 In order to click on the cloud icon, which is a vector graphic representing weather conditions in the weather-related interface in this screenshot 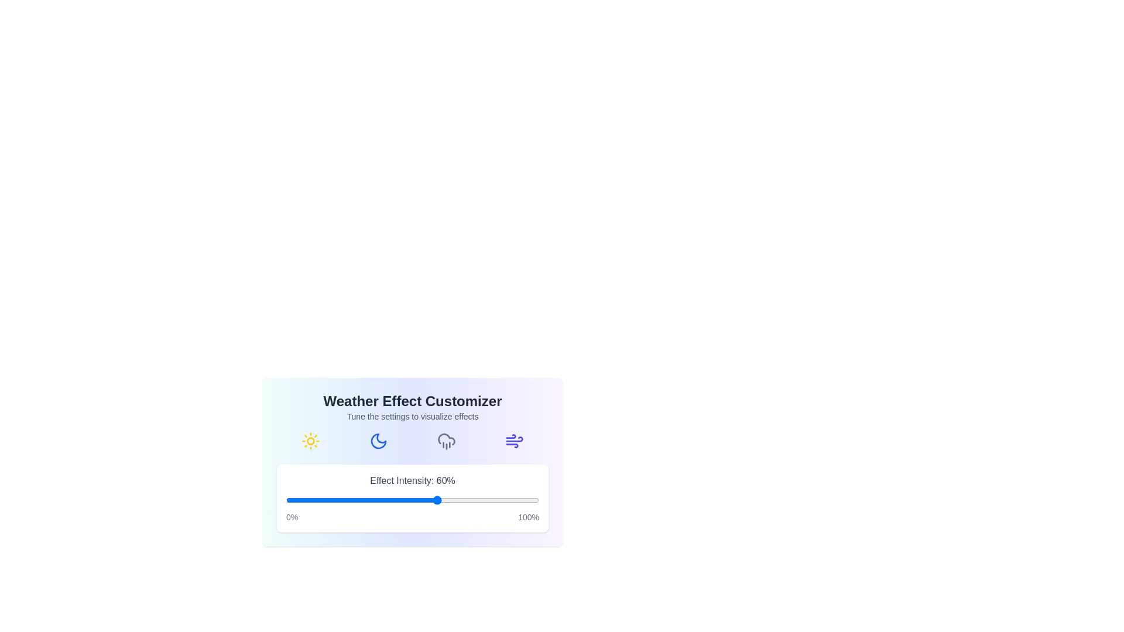, I will do `click(446, 439)`.